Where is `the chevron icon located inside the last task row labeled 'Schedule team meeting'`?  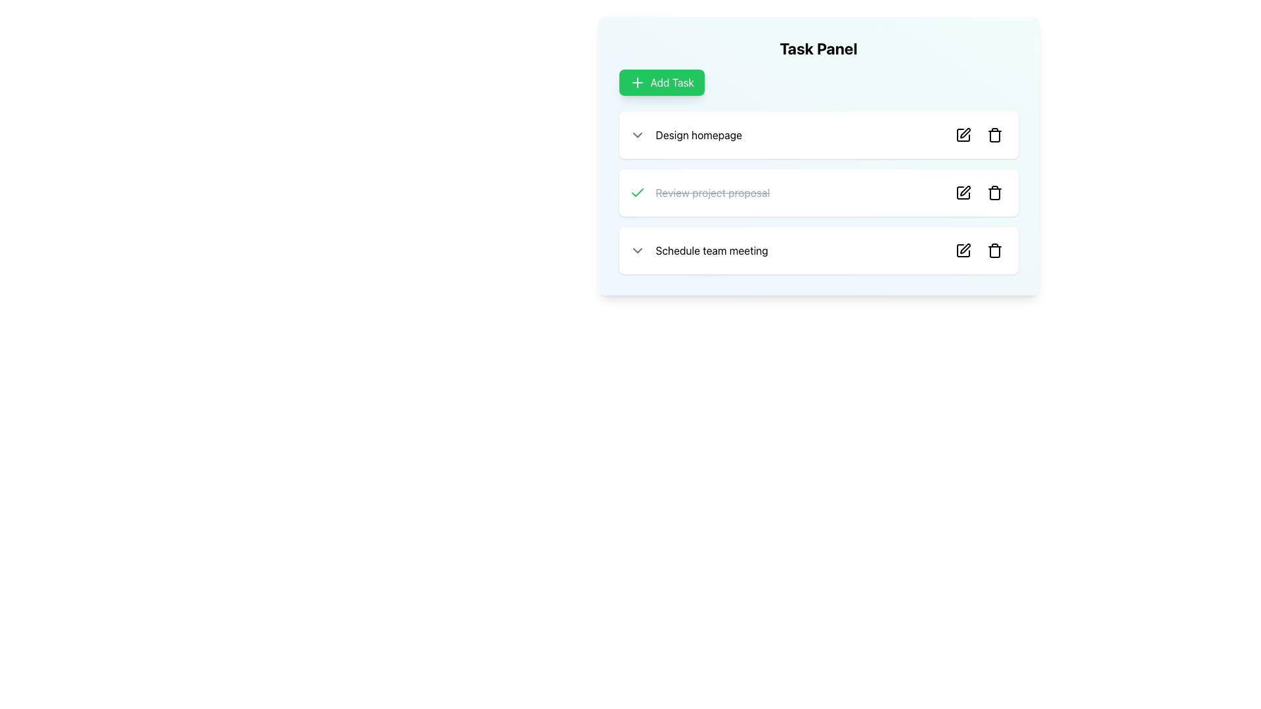
the chevron icon located inside the last task row labeled 'Schedule team meeting' is located at coordinates (637, 250).